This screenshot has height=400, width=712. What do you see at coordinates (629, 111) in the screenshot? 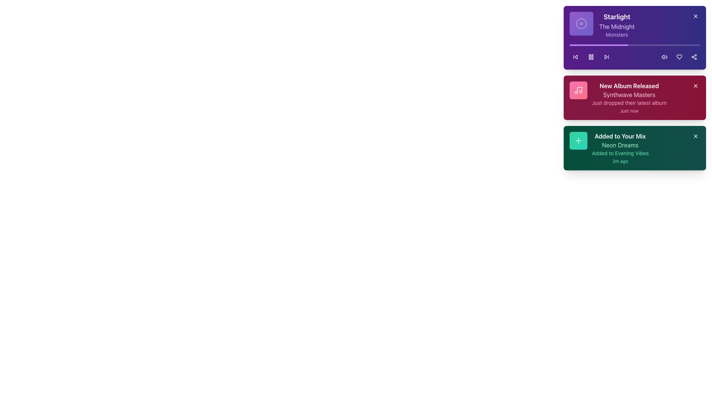
I see `the label displaying 'Just now' which is positioned at the bottom of the notification card with a dark red background, beneath the text 'Just dropped their latest album'` at bounding box center [629, 111].